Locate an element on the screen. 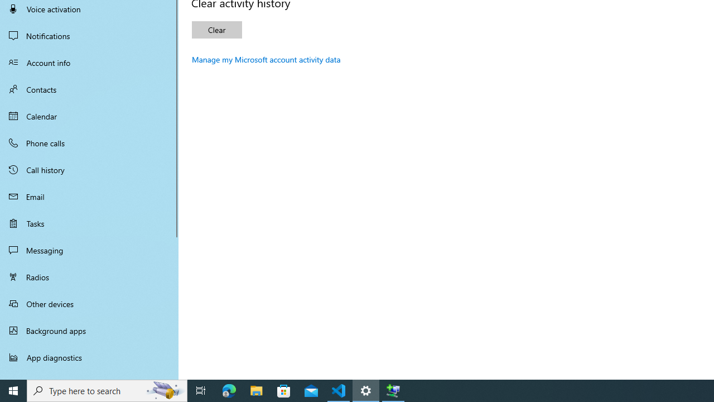 The height and width of the screenshot is (402, 714). 'Calendar' is located at coordinates (89, 116).